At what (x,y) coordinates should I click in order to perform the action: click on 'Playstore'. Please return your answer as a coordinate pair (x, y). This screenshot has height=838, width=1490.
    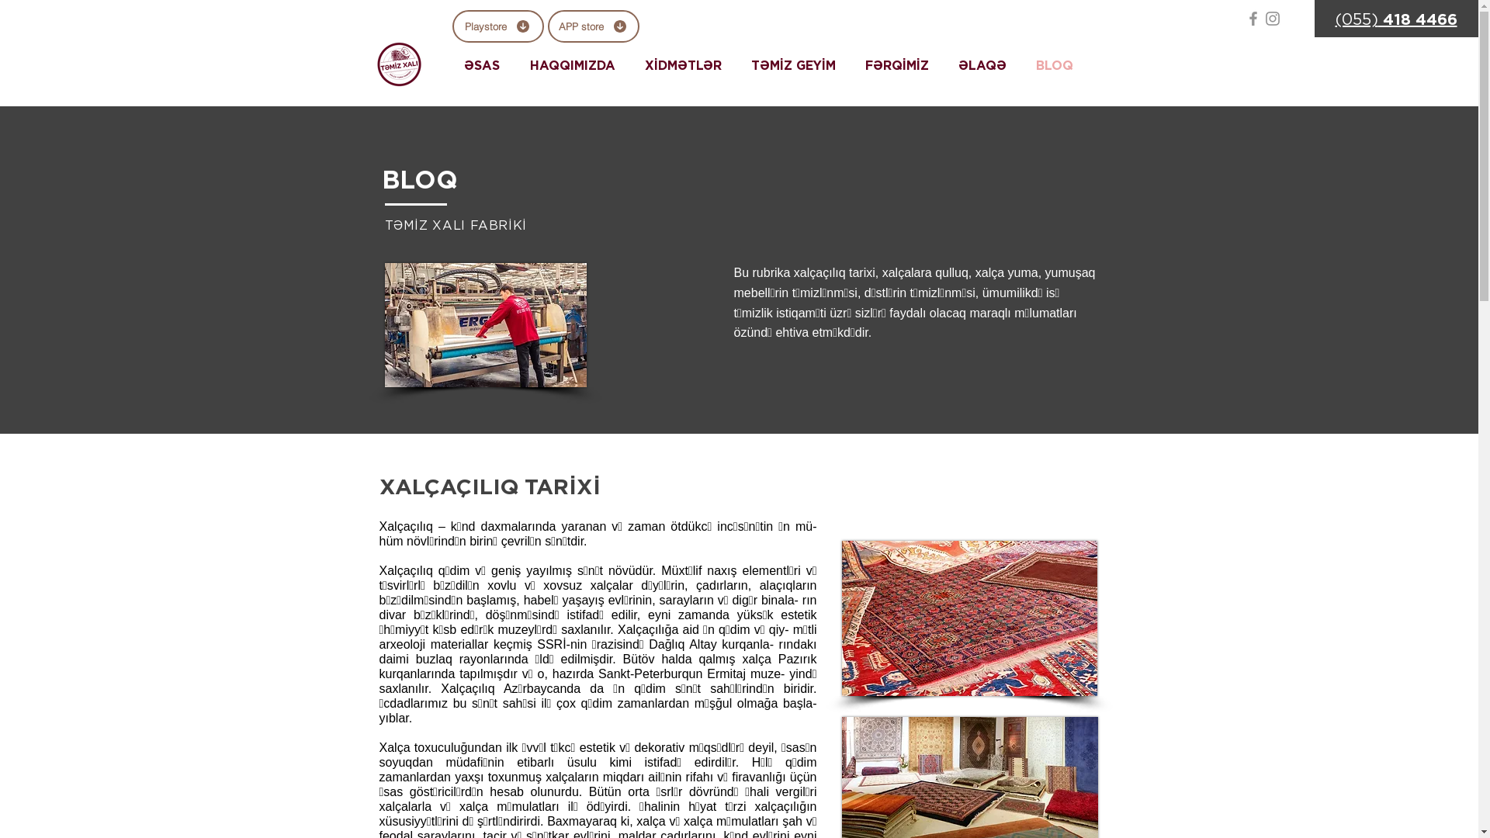
    Looking at the image, I should click on (497, 26).